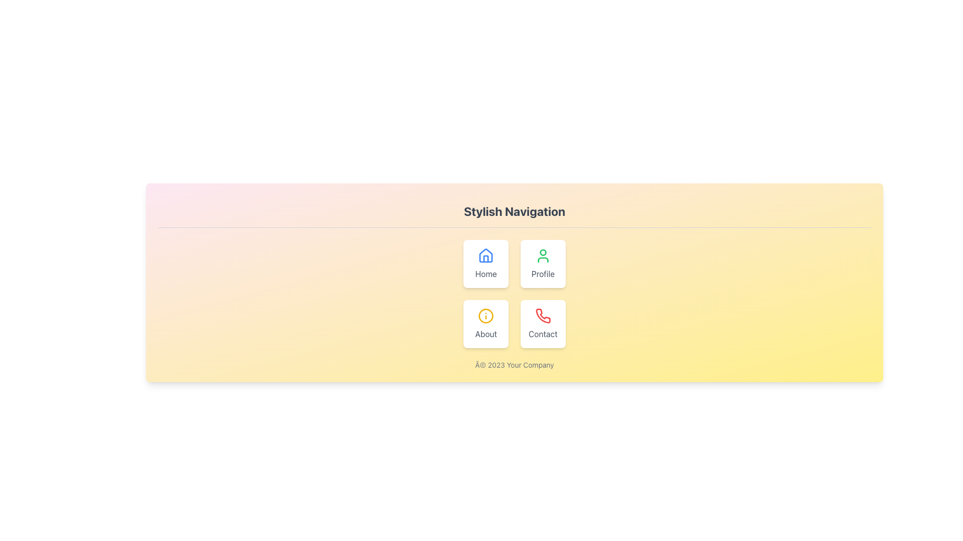 This screenshot has height=541, width=963. Describe the element at coordinates (542, 263) in the screenshot. I see `the 'Profile' button, which is a rectangular tile with a white background, rounded corners, a green user icon, and gray text centered below the icon` at that location.